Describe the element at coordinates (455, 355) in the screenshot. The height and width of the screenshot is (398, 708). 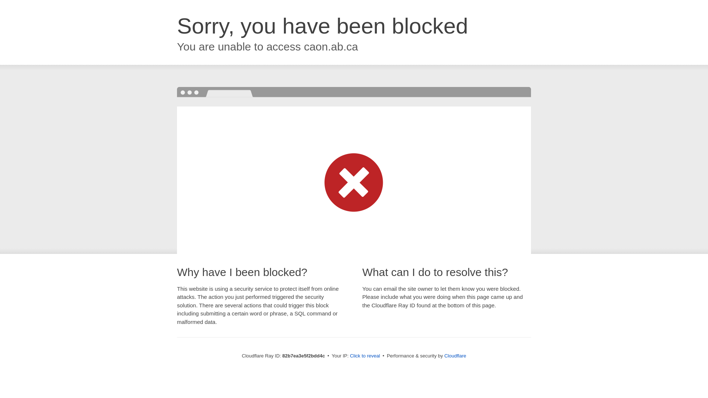
I see `'Cloudflare'` at that location.